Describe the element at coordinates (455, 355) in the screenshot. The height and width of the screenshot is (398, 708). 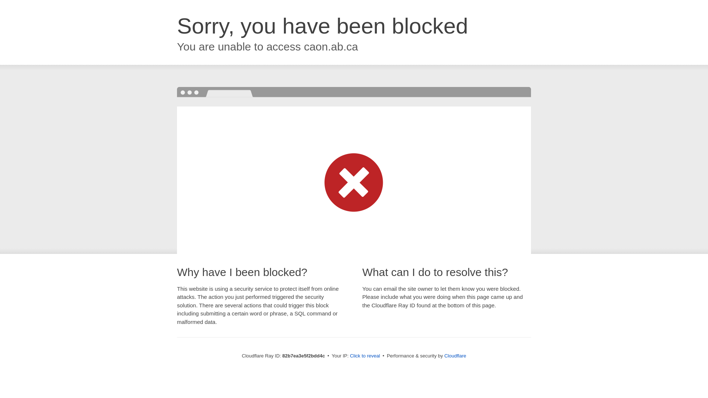
I see `'Cloudflare'` at that location.